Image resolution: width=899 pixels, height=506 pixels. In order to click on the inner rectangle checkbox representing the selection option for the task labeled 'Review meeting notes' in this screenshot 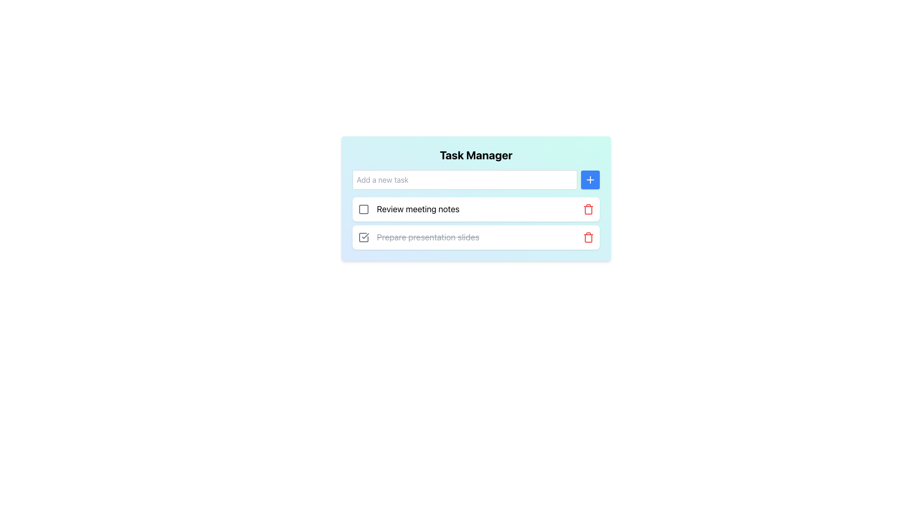, I will do `click(363, 209)`.